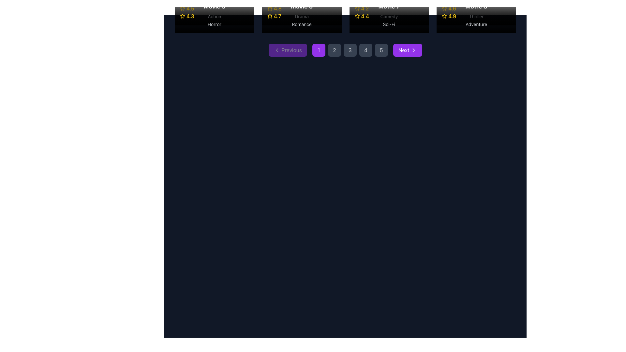 The image size is (626, 352). I want to click on the star icon representing a 4.9 rating in the 'Thriller, Adventure' category tile, which is the only star icon in this rating group, so click(444, 16).